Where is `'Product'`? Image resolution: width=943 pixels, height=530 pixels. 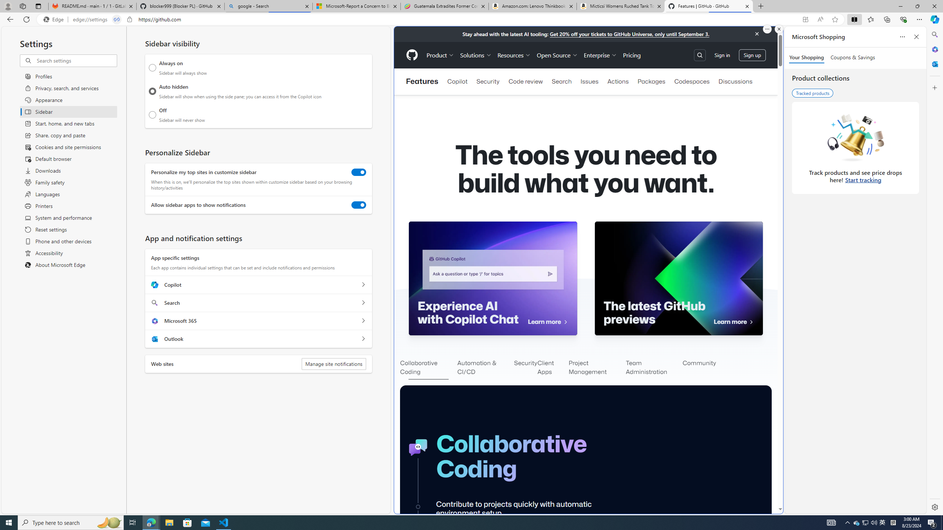
'Product' is located at coordinates (440, 55).